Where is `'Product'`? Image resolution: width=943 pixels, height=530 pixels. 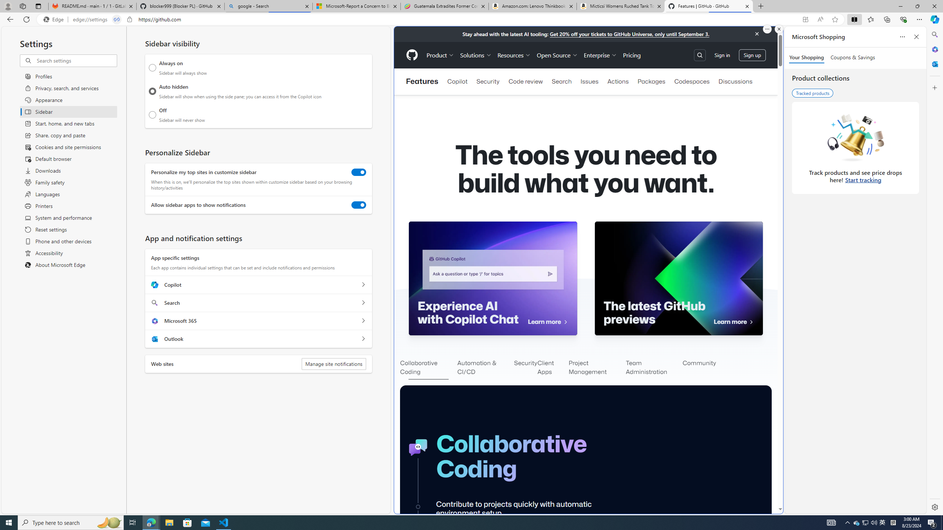
'Product' is located at coordinates (440, 55).